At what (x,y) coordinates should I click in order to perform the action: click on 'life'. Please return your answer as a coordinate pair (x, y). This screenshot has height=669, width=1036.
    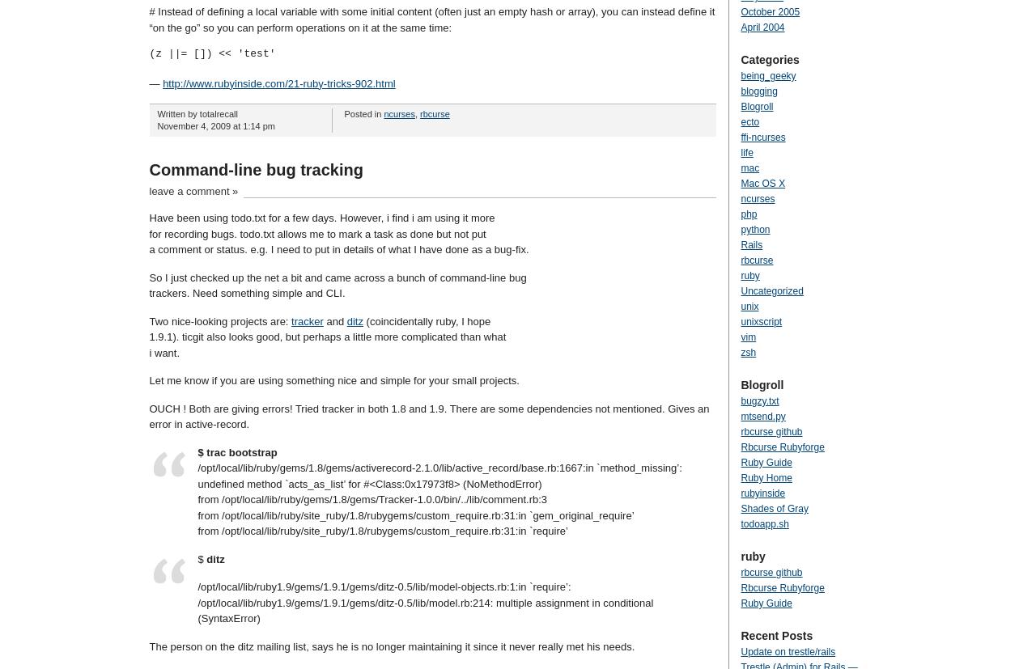
    Looking at the image, I should click on (745, 151).